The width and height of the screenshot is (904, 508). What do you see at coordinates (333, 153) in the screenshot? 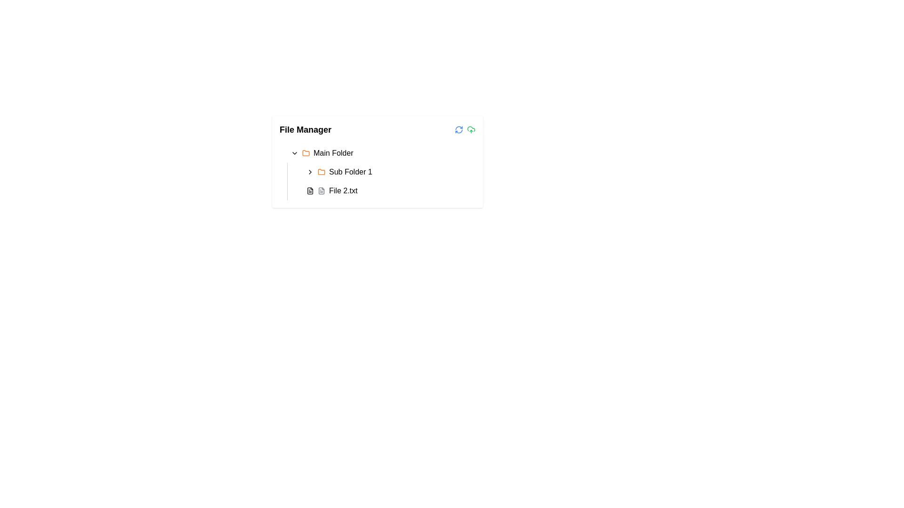
I see `the text label that indicates a main directory structure` at bounding box center [333, 153].